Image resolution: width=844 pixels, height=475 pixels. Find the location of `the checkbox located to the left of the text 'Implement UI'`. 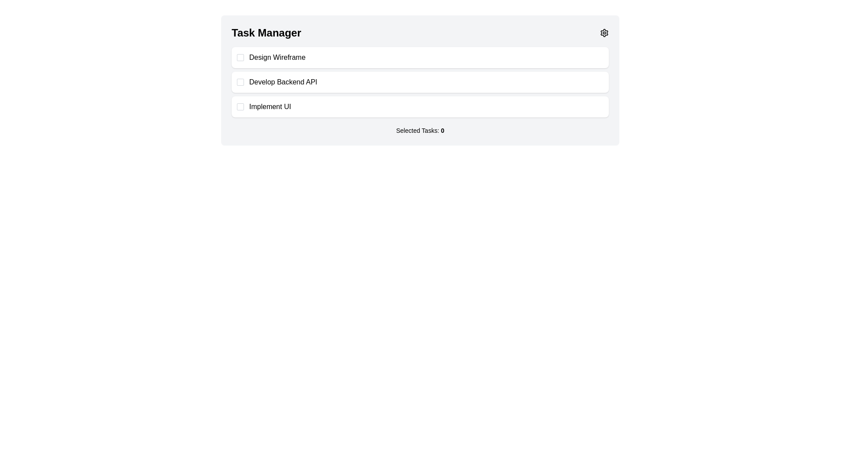

the checkbox located to the left of the text 'Implement UI' is located at coordinates (240, 106).